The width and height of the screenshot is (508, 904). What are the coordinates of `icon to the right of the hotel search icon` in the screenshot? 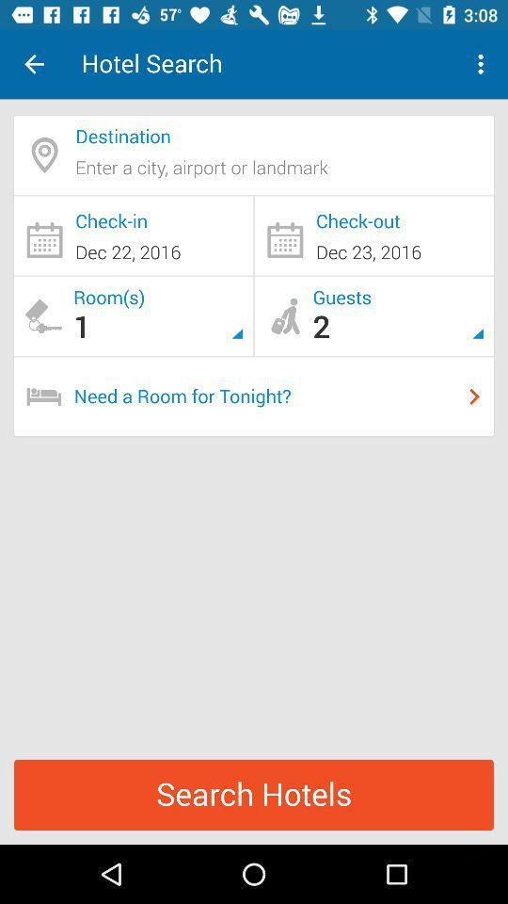 It's located at (483, 64).